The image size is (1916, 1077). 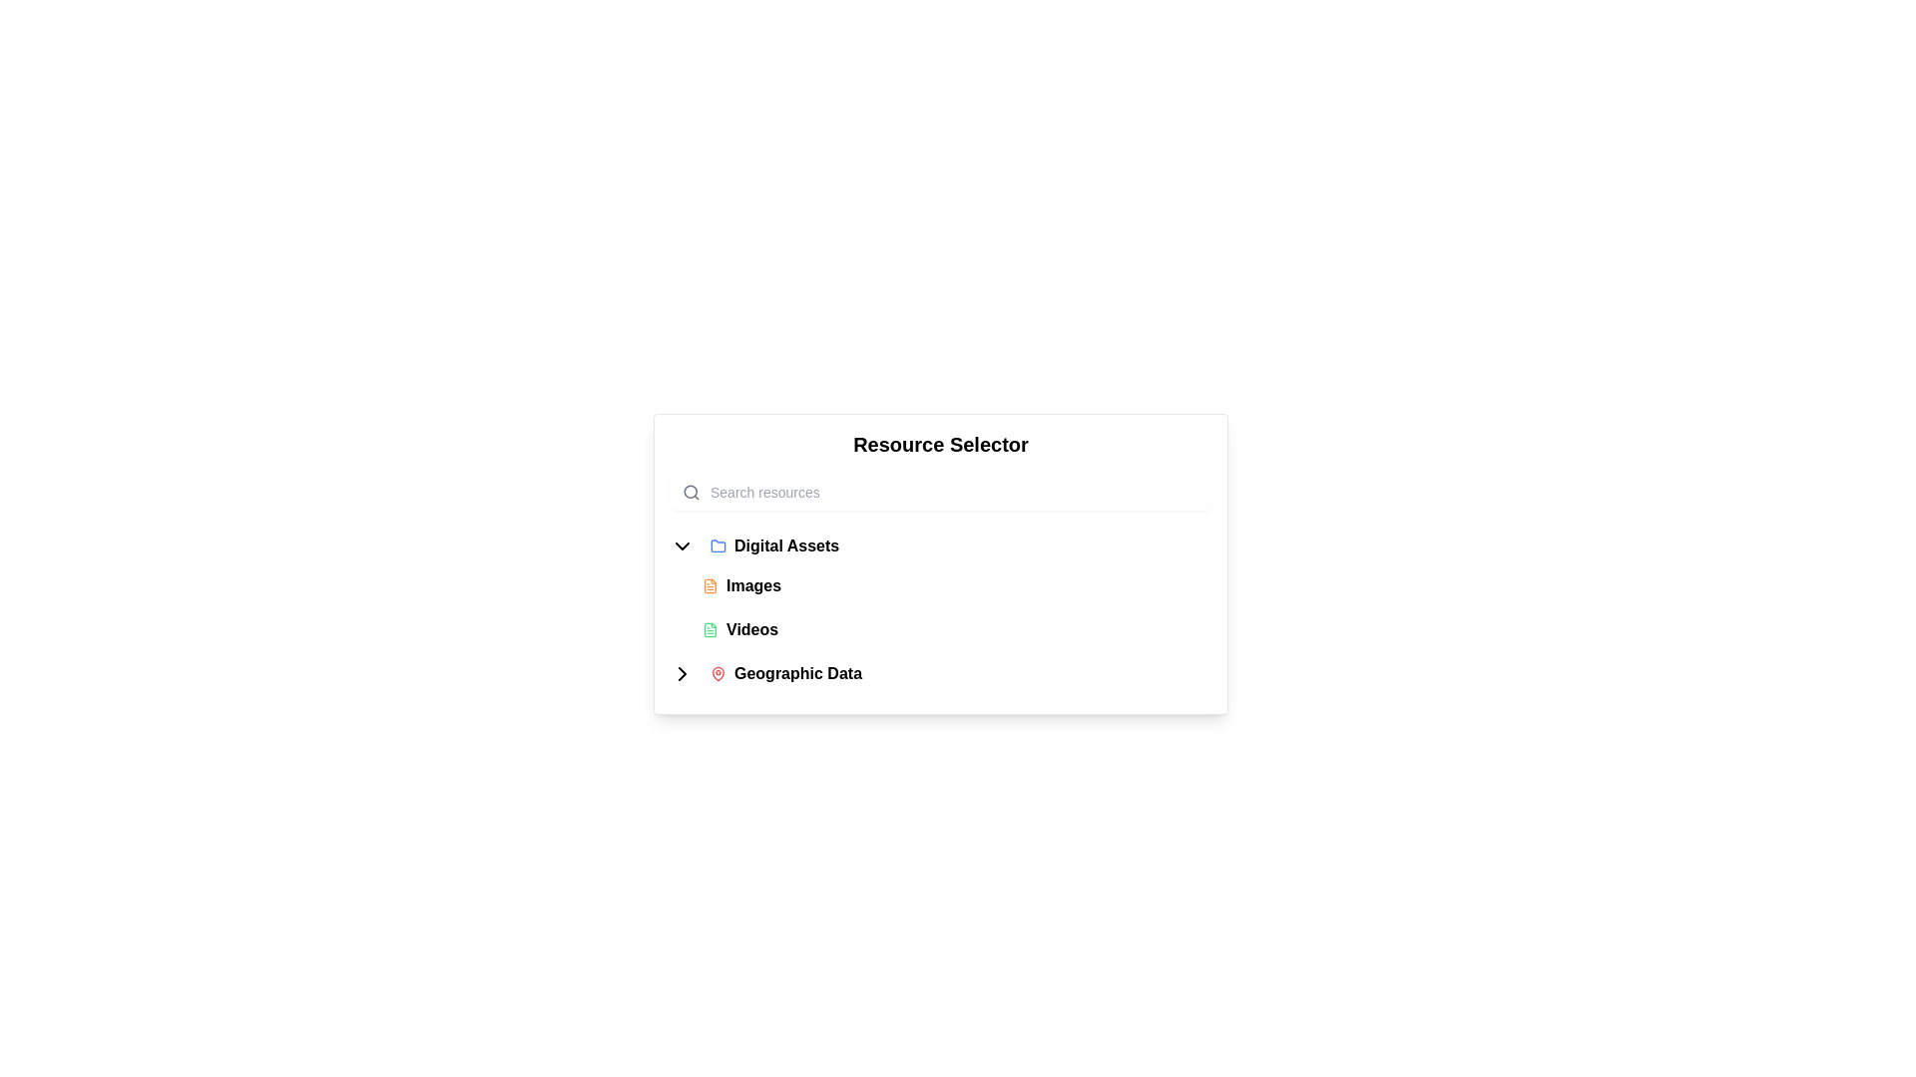 I want to click on the 'Geographic Data' text label within the collapsible menu, so click(x=798, y=673).